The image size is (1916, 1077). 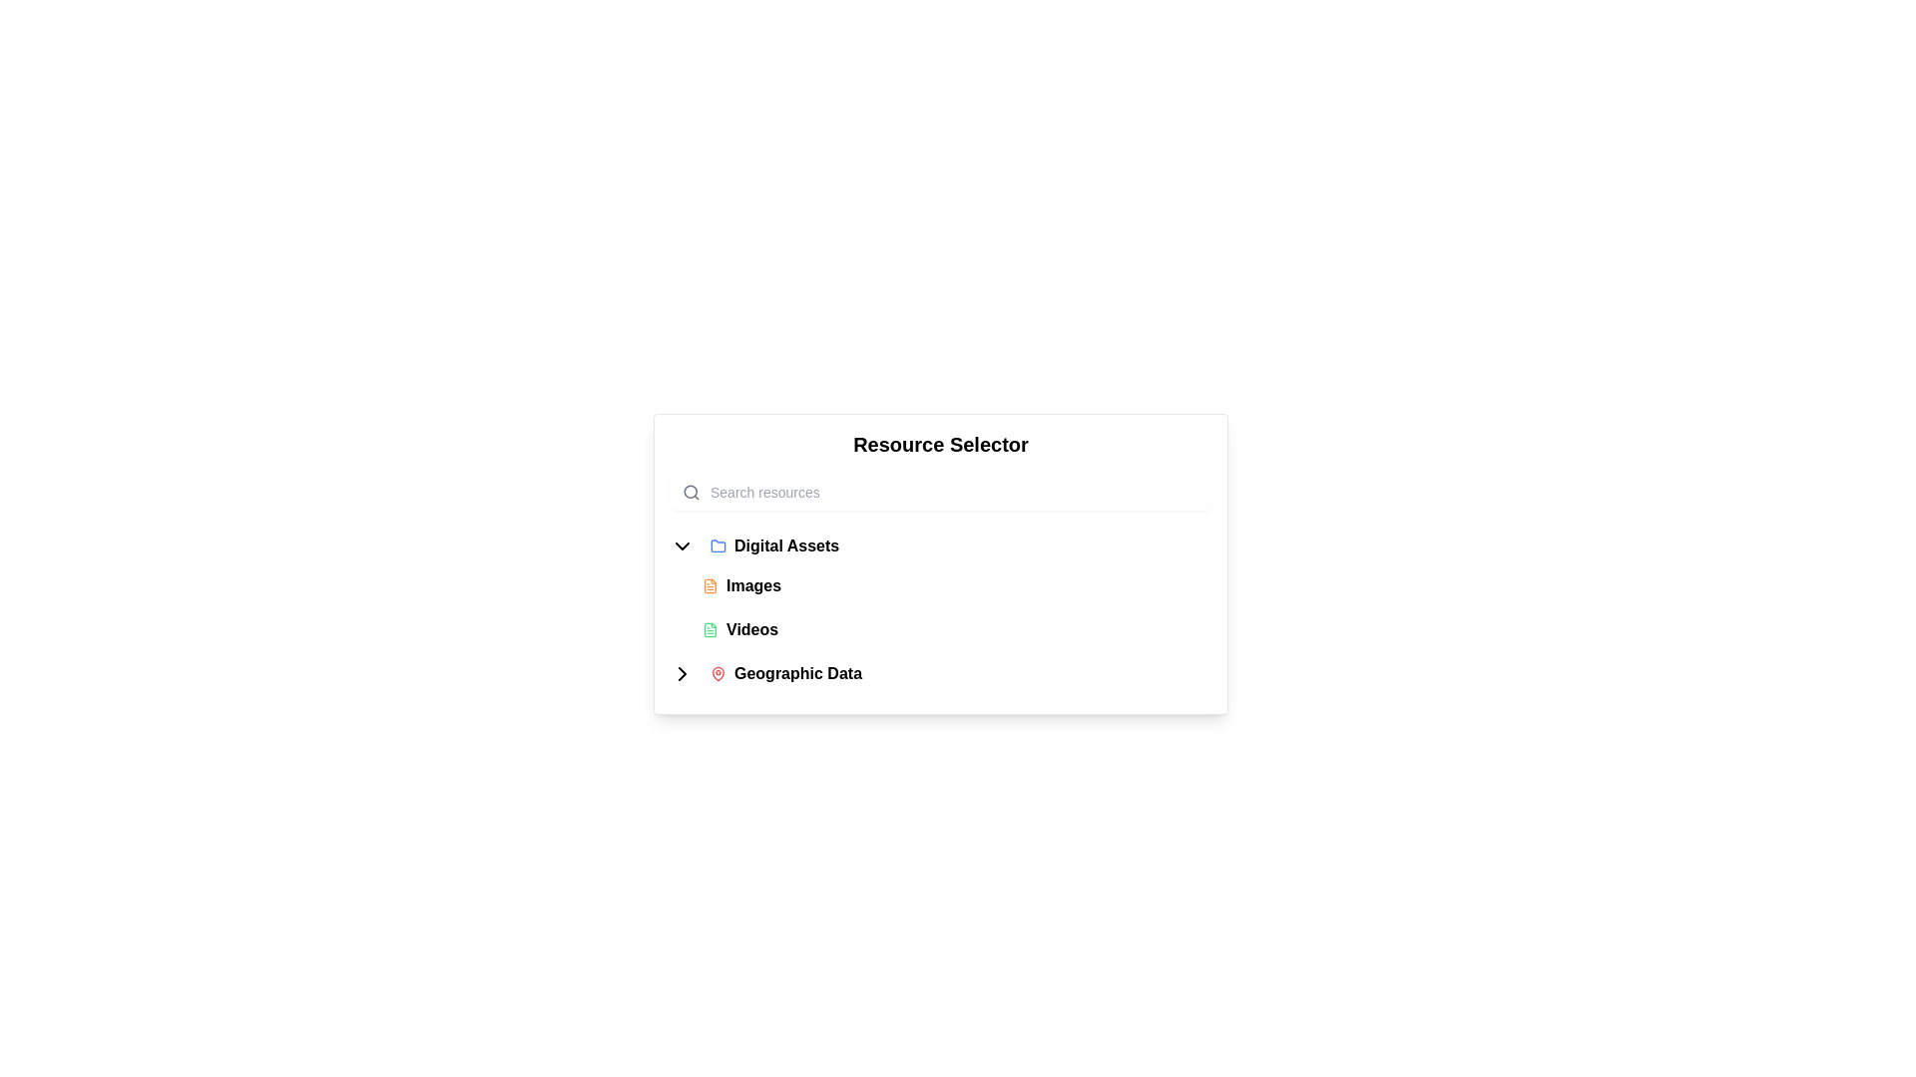 I want to click on the 'Geographic Data' text label within the collapsible menu, so click(x=798, y=673).